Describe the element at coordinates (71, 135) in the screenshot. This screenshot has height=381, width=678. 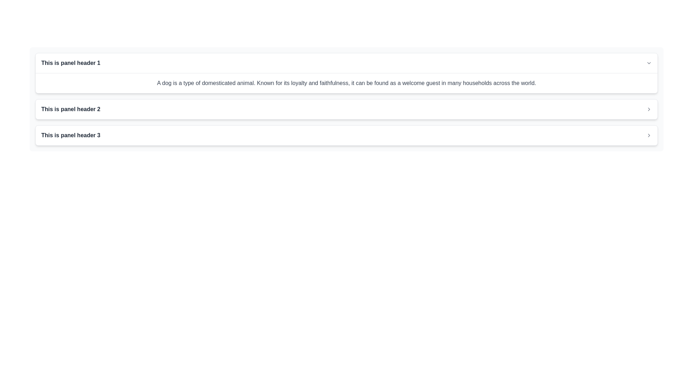
I see `the text label styled with bold, dark gray text reading 'This is panel header 3' to interact with adjacent components` at that location.